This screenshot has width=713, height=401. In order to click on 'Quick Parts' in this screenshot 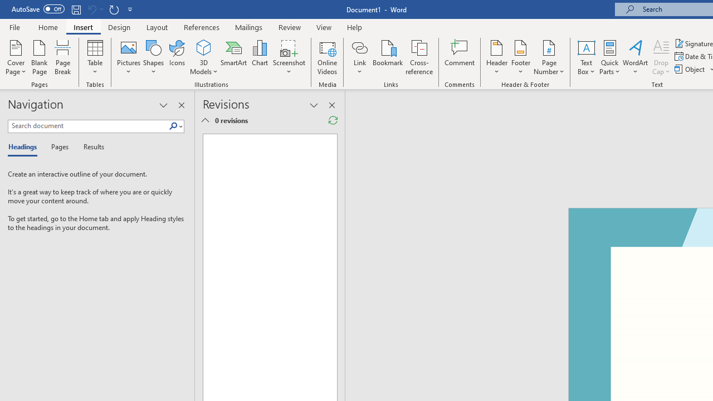, I will do `click(609, 57)`.